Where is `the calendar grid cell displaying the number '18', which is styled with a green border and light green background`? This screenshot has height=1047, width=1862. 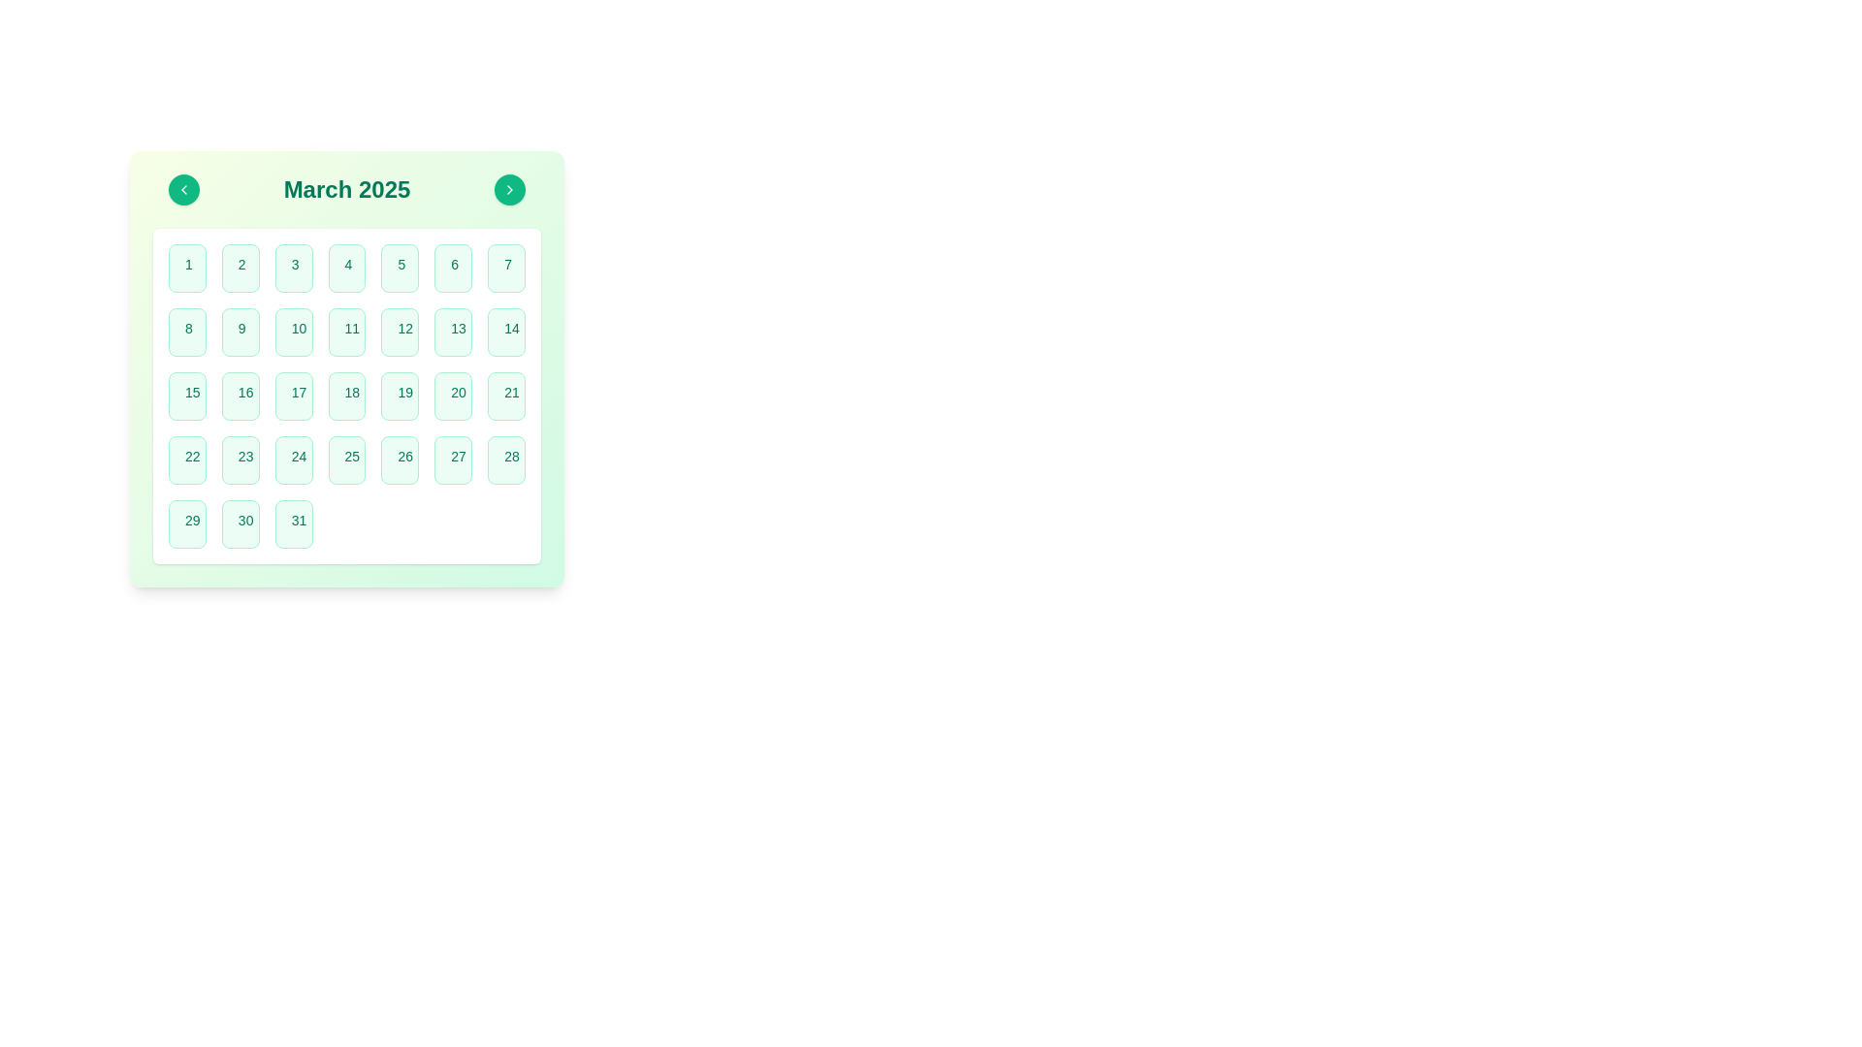
the calendar grid cell displaying the number '18', which is styled with a green border and light green background is located at coordinates (347, 395).